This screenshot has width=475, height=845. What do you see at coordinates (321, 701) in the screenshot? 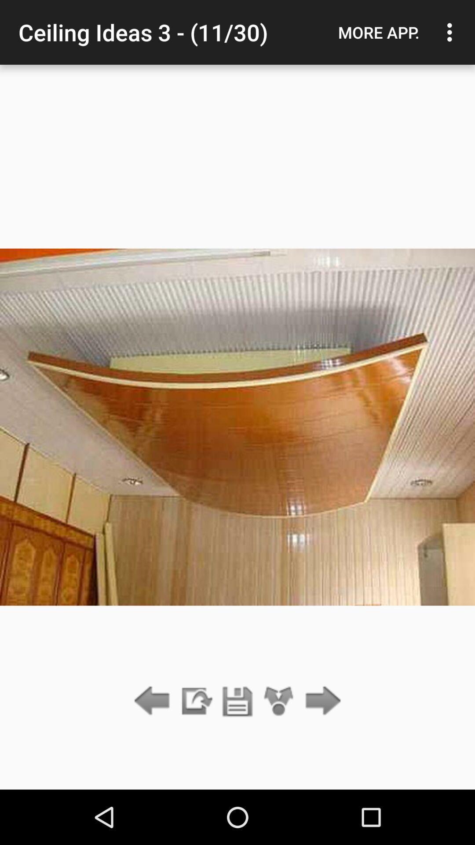
I see `the icon at the bottom right corner` at bounding box center [321, 701].